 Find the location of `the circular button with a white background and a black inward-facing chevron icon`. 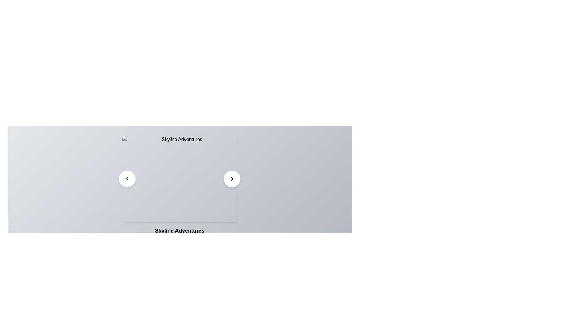

the circular button with a white background and a black inward-facing chevron icon is located at coordinates (127, 179).